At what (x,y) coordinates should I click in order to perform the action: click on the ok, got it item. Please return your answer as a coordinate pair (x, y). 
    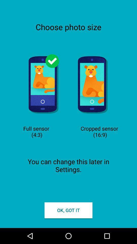
    Looking at the image, I should click on (68, 210).